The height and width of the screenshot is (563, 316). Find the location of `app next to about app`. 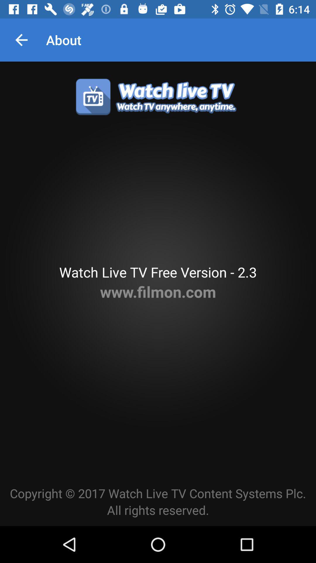

app next to about app is located at coordinates (21, 40).